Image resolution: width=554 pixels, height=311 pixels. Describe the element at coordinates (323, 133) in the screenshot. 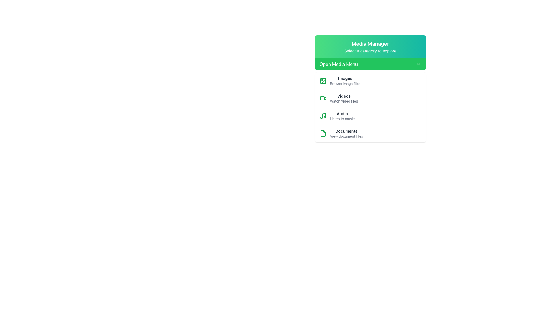

I see `the file document icon that represents the 'Documents' menu option, located at the bottom of the 'Media Manager' menu` at that location.